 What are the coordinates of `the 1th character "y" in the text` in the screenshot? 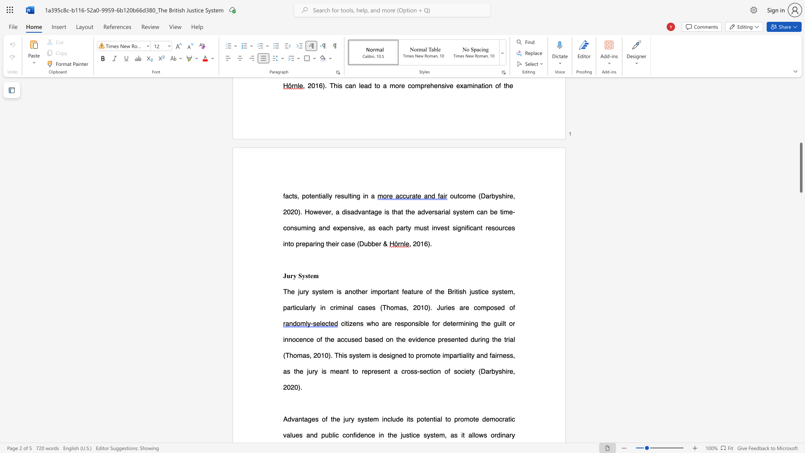 It's located at (295, 276).